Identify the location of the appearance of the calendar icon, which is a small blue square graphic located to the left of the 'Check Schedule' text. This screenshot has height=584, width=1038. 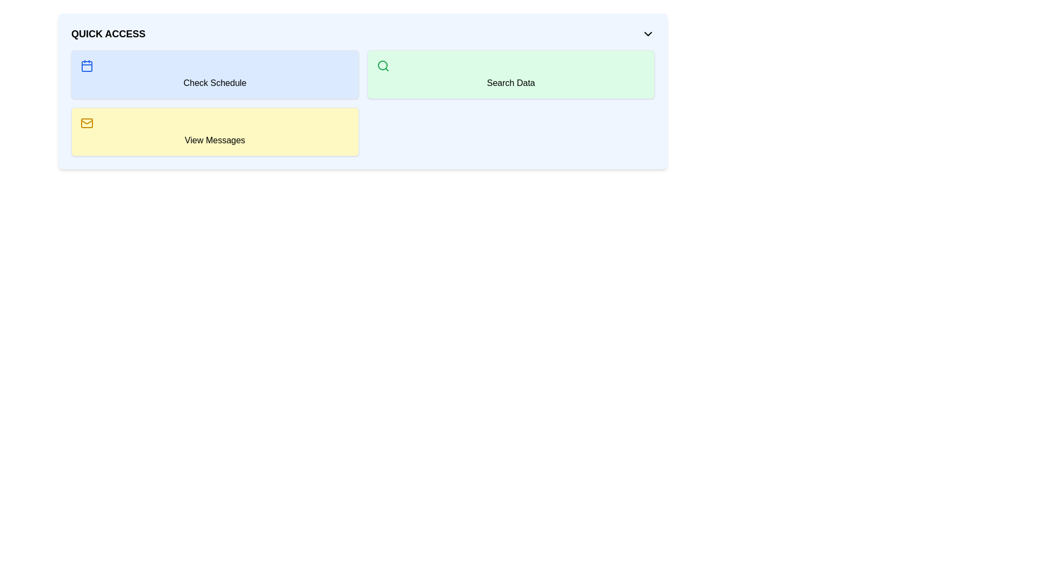
(87, 66).